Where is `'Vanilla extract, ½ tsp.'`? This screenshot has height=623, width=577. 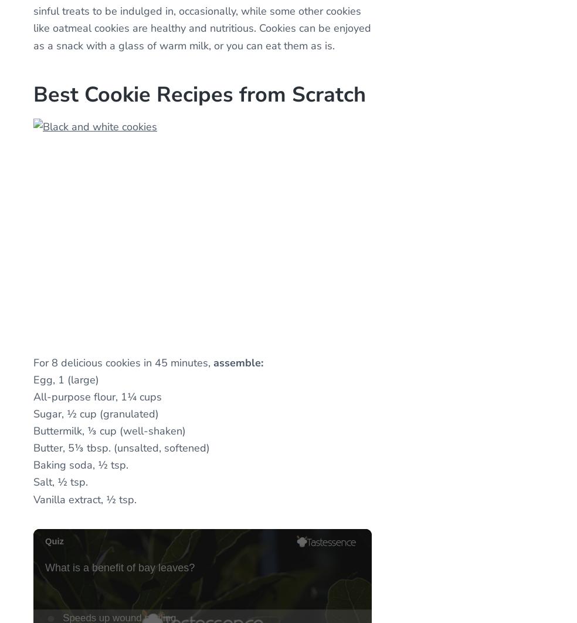
'Vanilla extract, ½ tsp.' is located at coordinates (85, 499).